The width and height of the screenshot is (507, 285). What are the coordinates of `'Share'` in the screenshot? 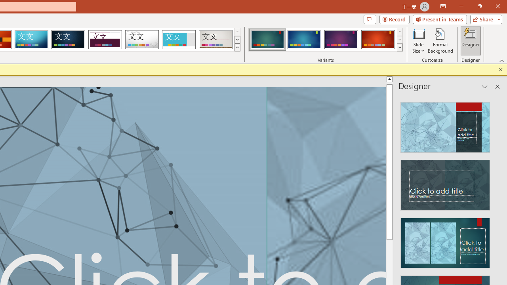 It's located at (484, 19).